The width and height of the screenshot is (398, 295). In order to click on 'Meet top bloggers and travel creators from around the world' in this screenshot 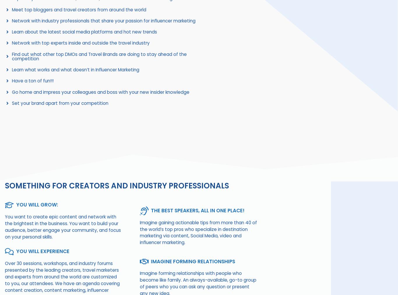, I will do `click(79, 9)`.